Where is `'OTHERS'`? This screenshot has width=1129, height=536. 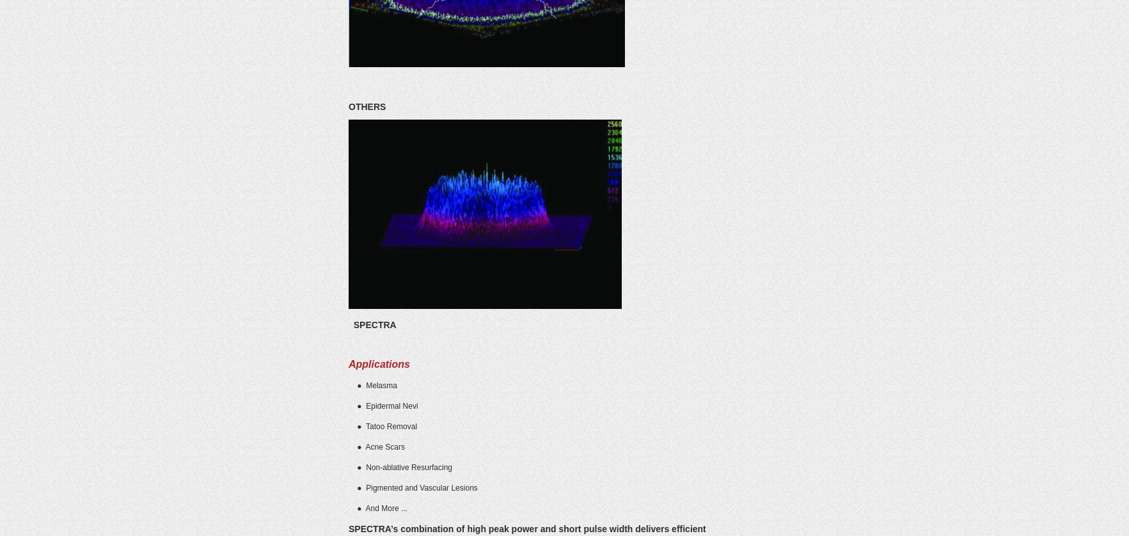
'OTHERS' is located at coordinates (366, 107).